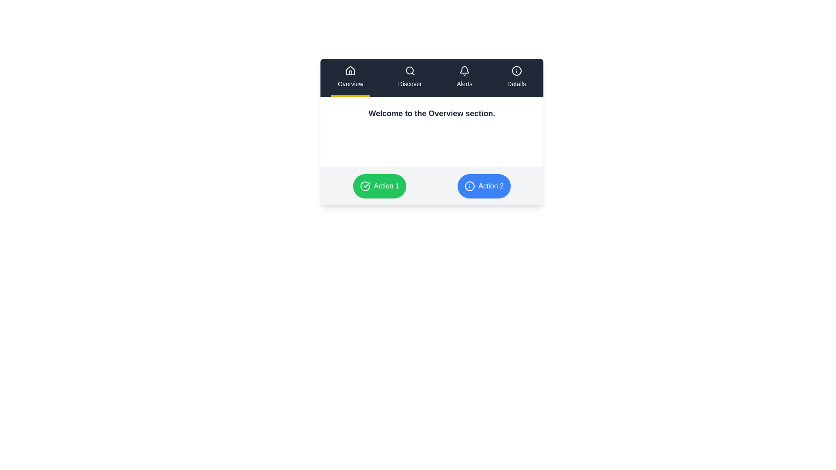 The height and width of the screenshot is (470, 836). Describe the element at coordinates (409, 70) in the screenshot. I see `the magnifying glass icon in the 'Discover' tab to observe the associated section highlight in the navigation bar` at that location.